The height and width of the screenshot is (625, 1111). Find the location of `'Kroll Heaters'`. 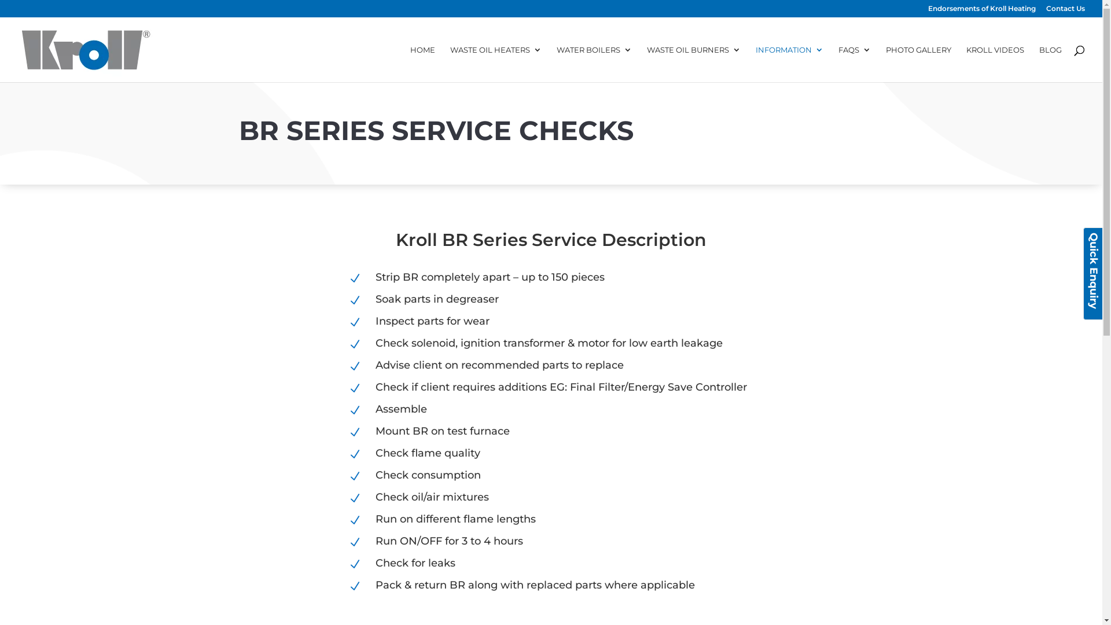

'Kroll Heaters' is located at coordinates (85, 49).